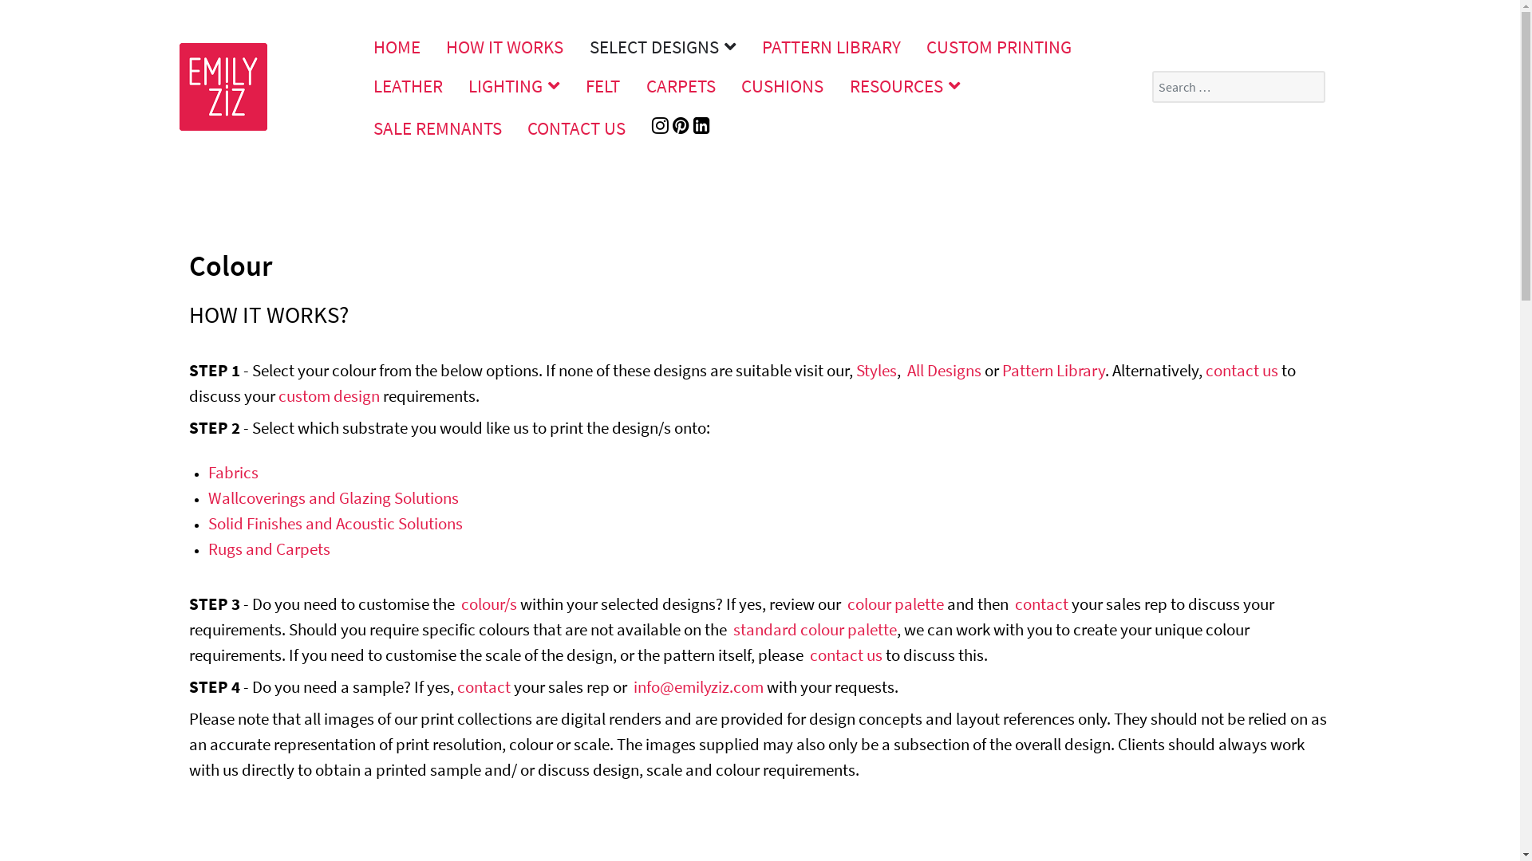 This screenshot has width=1532, height=861. What do you see at coordinates (332, 497) in the screenshot?
I see `'Wallcoverings and Glazing Solutions'` at bounding box center [332, 497].